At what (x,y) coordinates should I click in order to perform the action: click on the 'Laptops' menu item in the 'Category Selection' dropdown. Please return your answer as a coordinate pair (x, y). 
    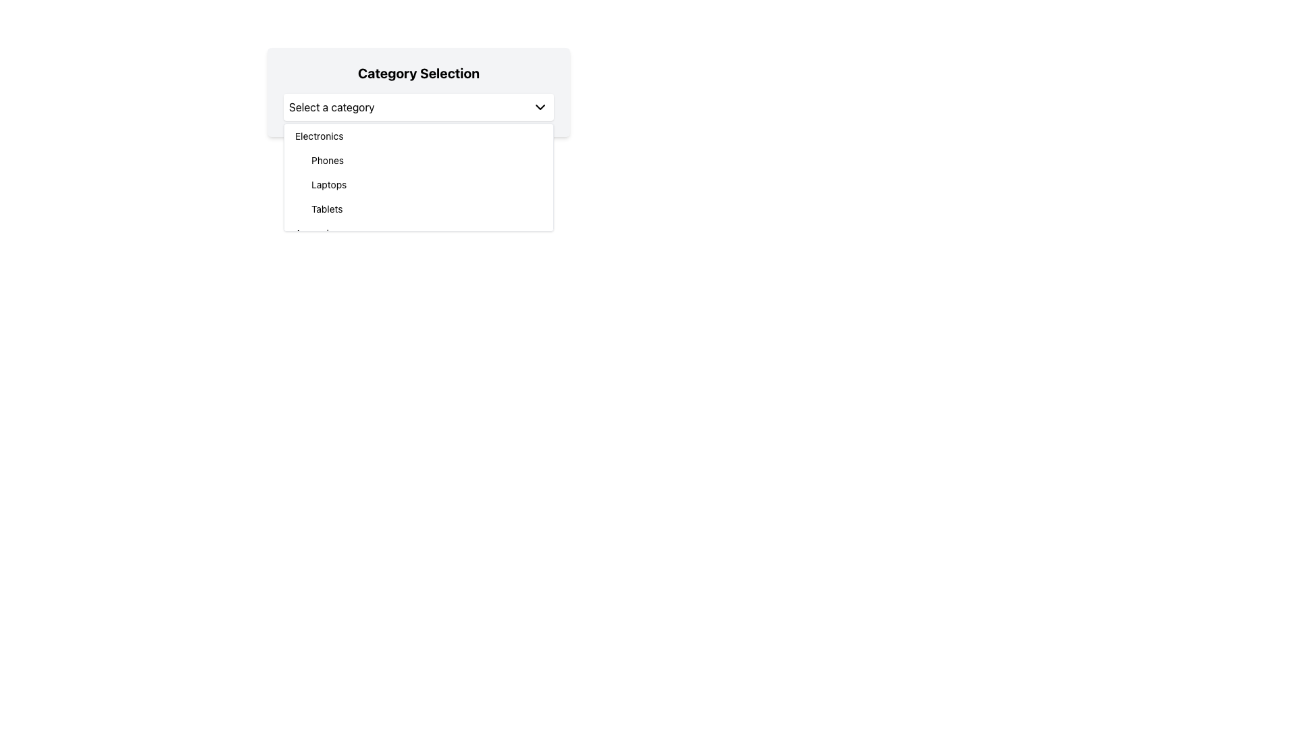
    Looking at the image, I should click on (426, 184).